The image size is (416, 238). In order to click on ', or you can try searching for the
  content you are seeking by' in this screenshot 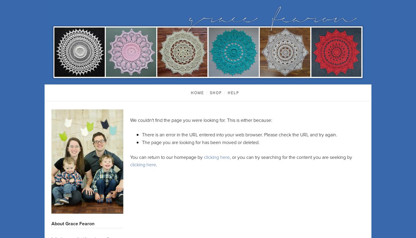, I will do `click(291, 156)`.